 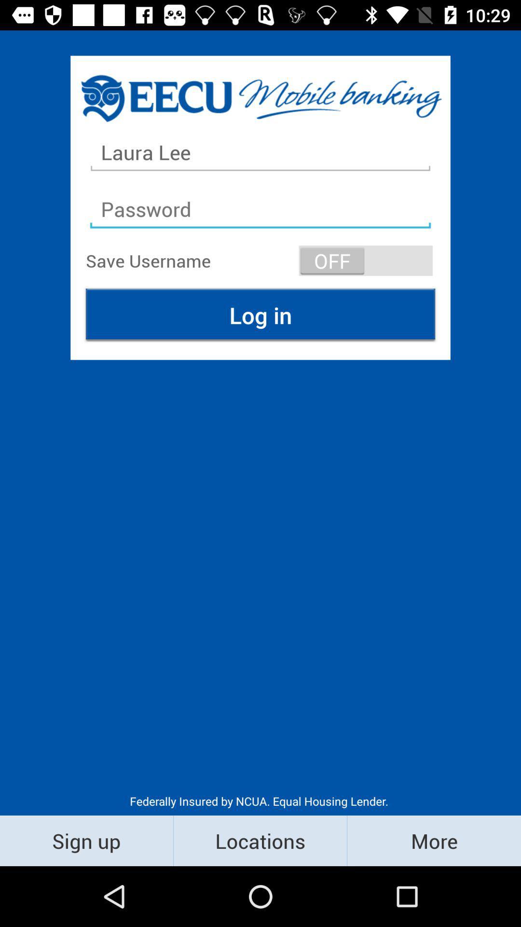 I want to click on the icon above federally insured by icon, so click(x=260, y=315).